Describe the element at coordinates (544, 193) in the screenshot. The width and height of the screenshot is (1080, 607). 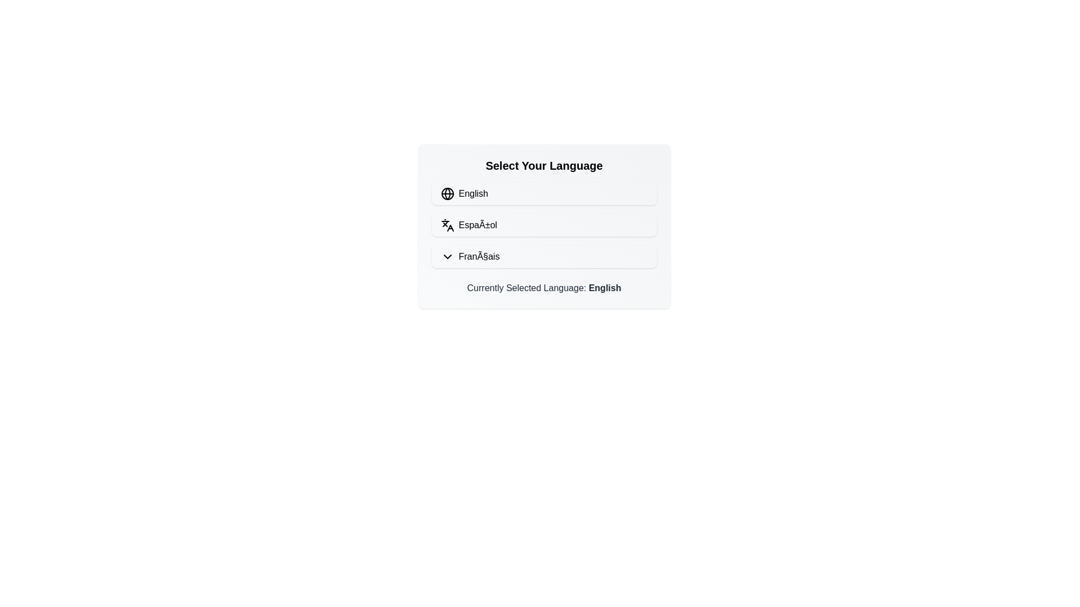
I see `the 'English' language selection button located directly below the title 'Select Your Language.'` at that location.